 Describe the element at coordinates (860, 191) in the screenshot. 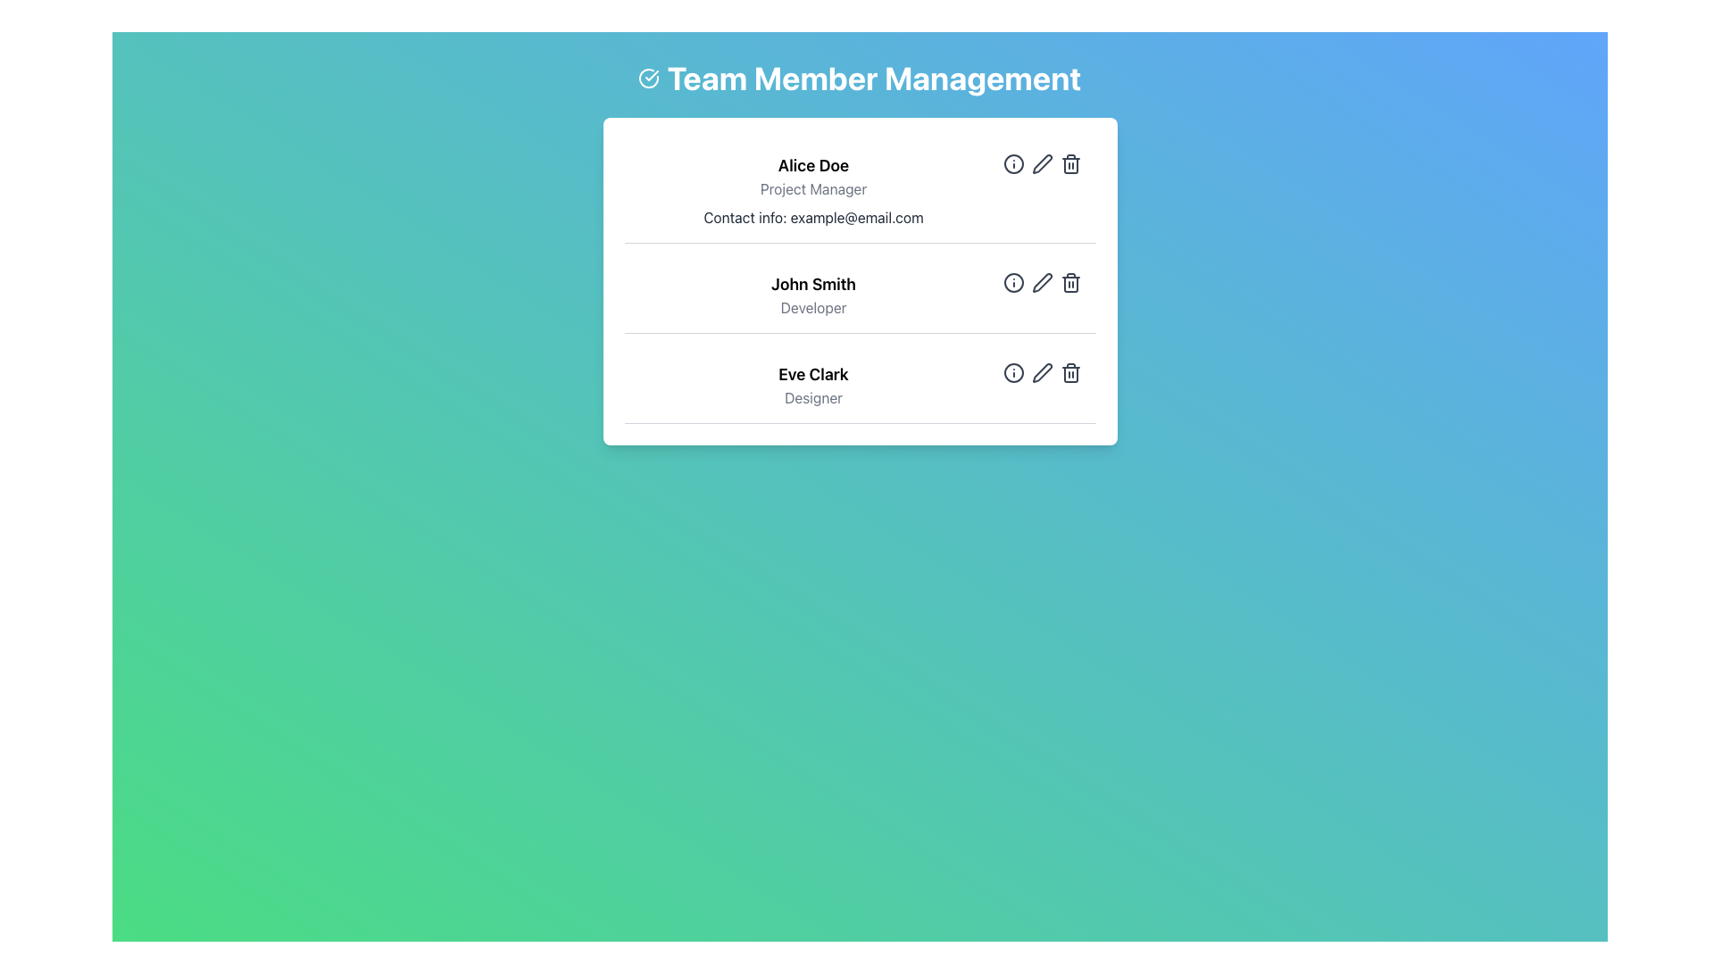

I see `the Information block that displays details about a specific team member, positioned as the first item under 'Team Member Management'` at that location.